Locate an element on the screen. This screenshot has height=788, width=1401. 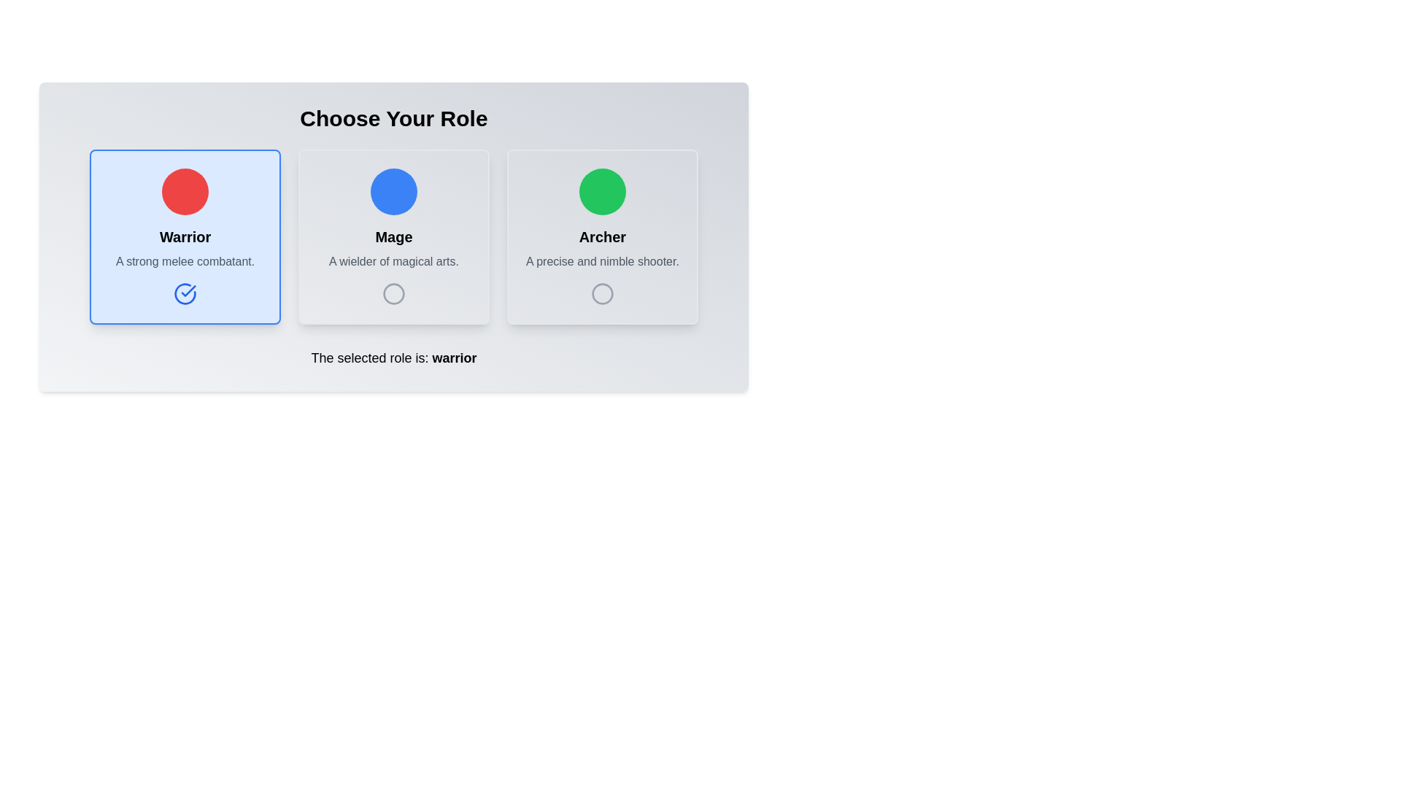
on the 'Warrior' selectable tile, which is a blue box with rounded corners, featuring a red circular avatar, the title 'Warrior' in bold, and a checkmark icon at the bottom is located at coordinates (185, 236).